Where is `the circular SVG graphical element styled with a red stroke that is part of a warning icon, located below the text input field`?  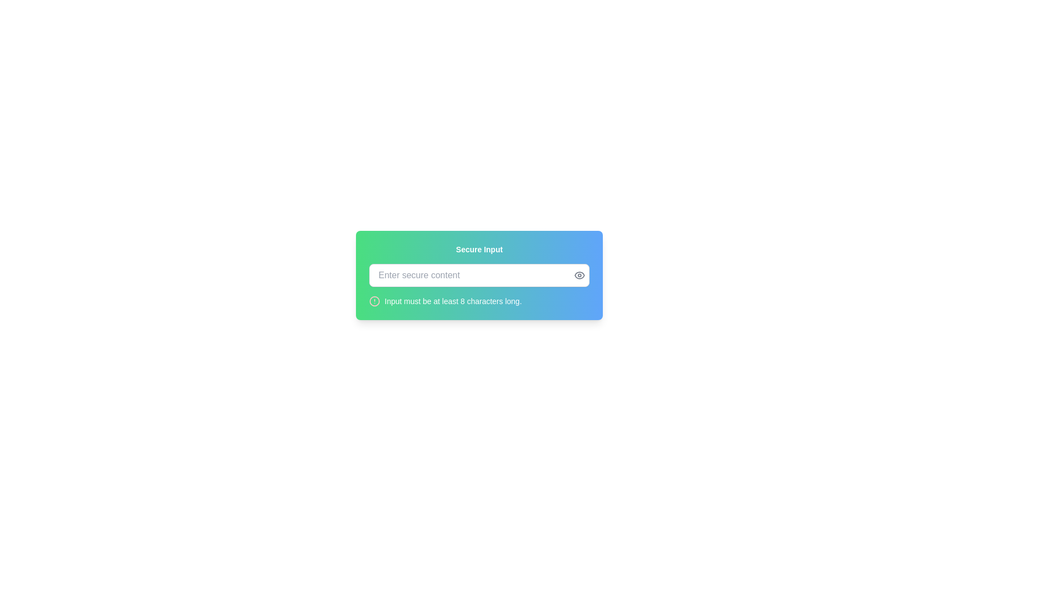 the circular SVG graphical element styled with a red stroke that is part of a warning icon, located below the text input field is located at coordinates (375, 301).